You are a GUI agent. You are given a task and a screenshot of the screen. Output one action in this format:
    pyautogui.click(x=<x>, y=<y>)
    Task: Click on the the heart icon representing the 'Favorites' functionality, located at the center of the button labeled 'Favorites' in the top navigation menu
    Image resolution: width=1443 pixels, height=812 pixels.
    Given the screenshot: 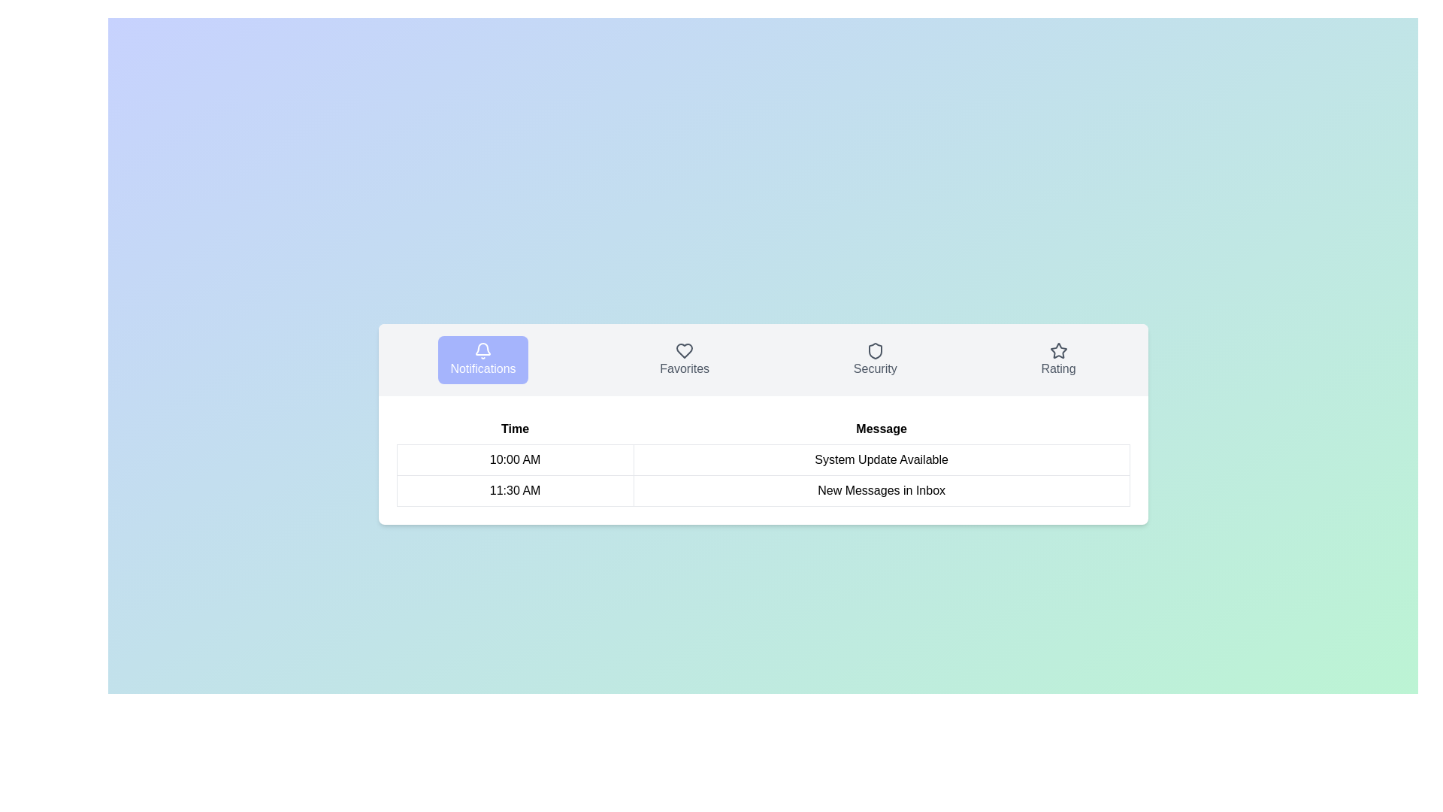 What is the action you would take?
    pyautogui.click(x=684, y=350)
    